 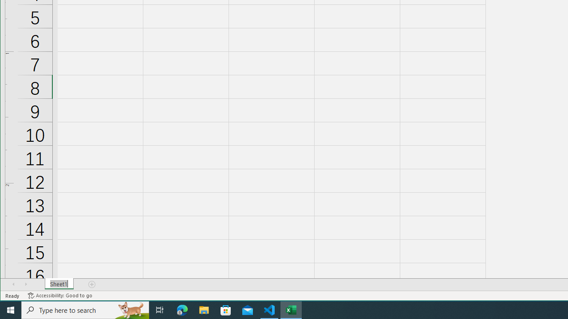 I want to click on 'Sheet Tab', so click(x=59, y=284).